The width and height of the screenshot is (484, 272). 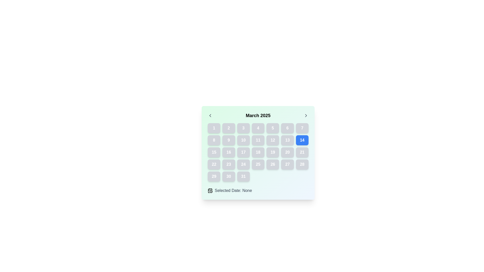 What do you see at coordinates (214, 176) in the screenshot?
I see `the rounded rectangular button labeled '29' with a light gray background in the calendar interface` at bounding box center [214, 176].